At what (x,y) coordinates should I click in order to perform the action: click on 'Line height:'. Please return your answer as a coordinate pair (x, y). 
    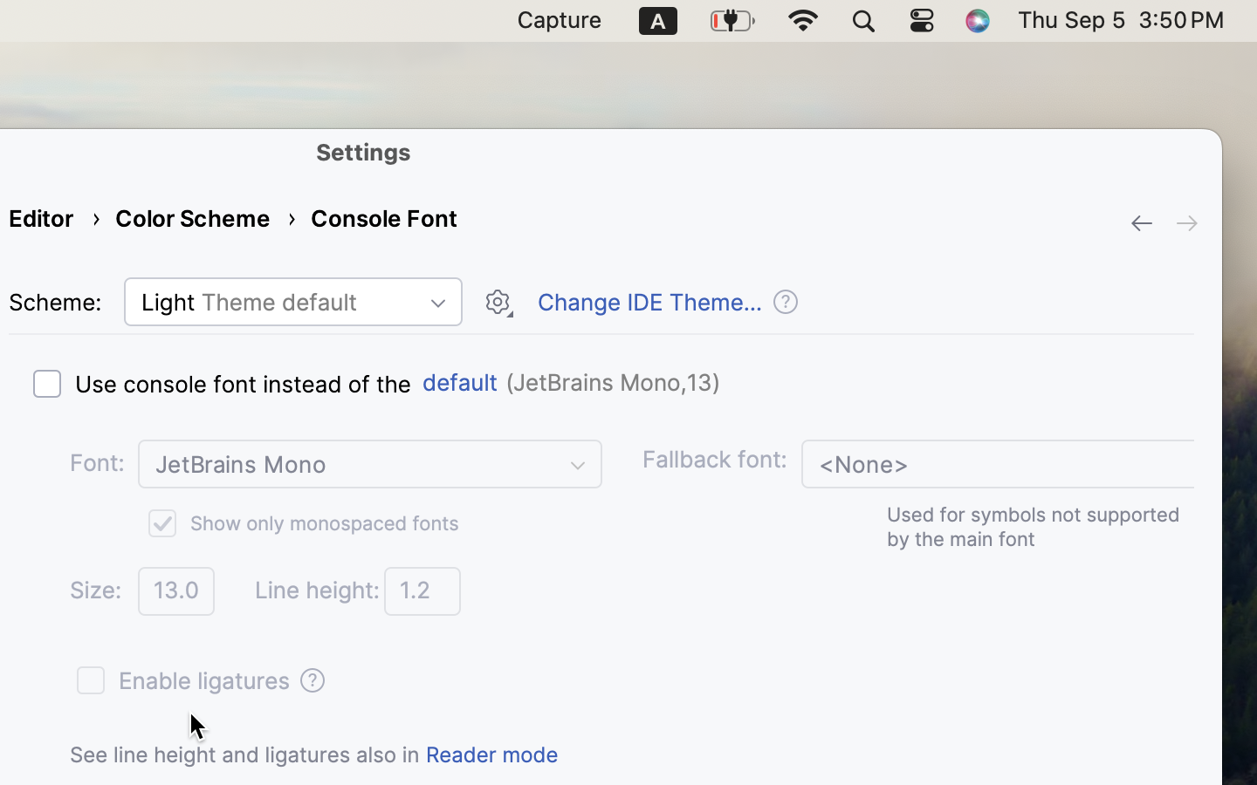
    Looking at the image, I should click on (316, 589).